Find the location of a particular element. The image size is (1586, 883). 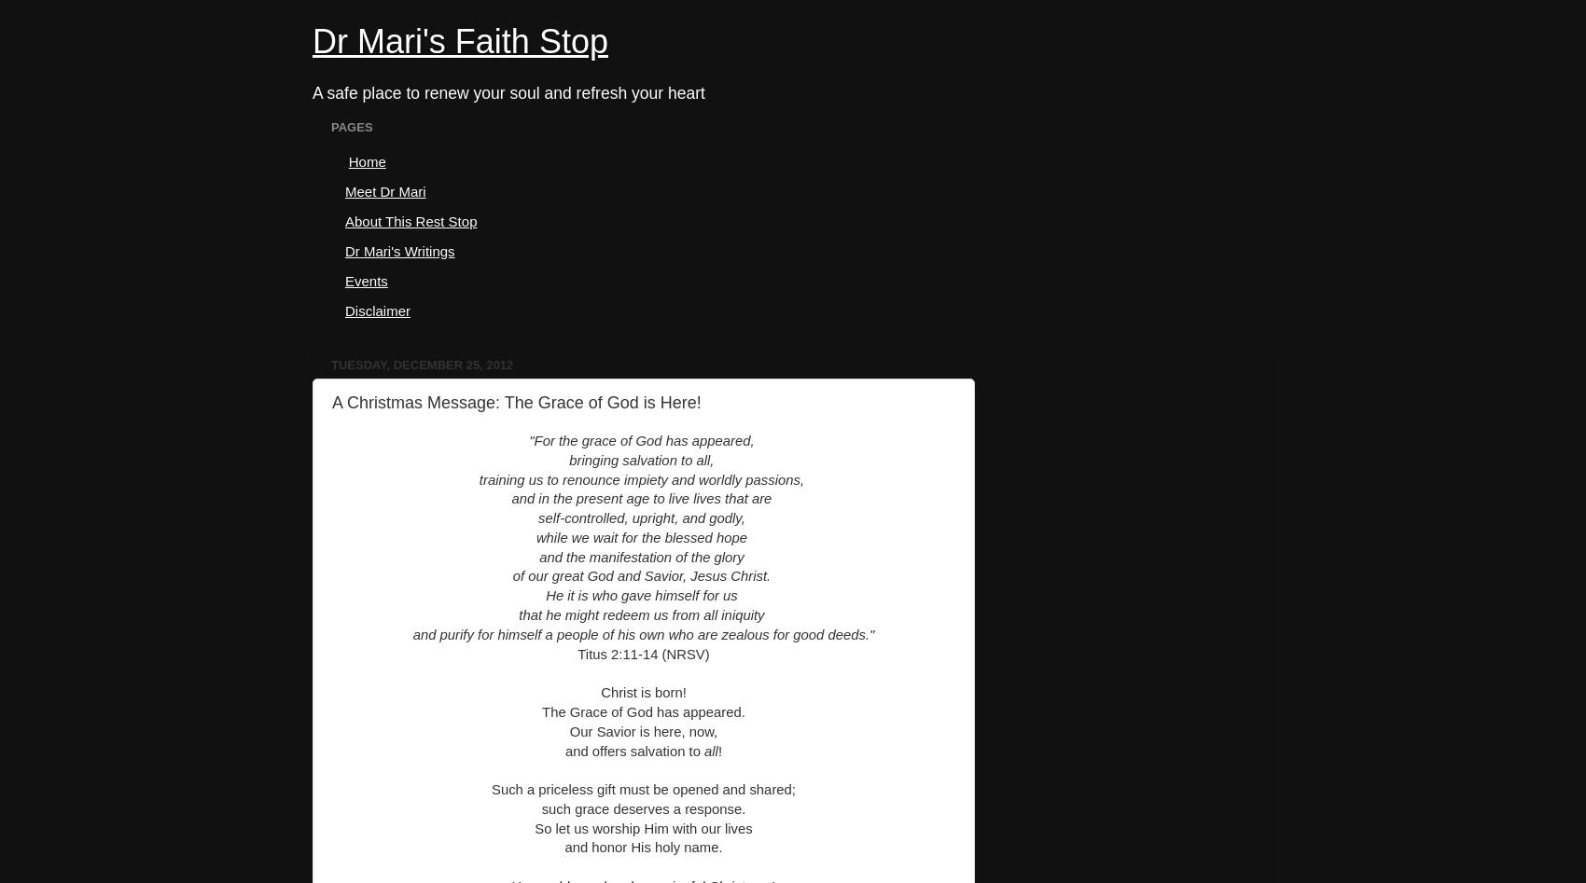

'Titus 2:11-14 (NRSV)' is located at coordinates (643, 652).